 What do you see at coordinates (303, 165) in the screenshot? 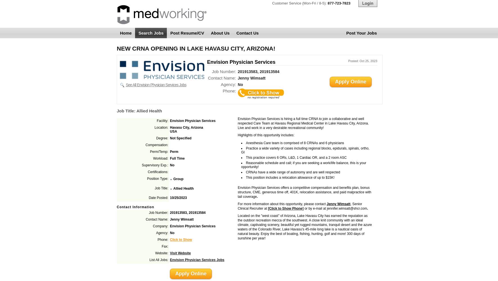
I see `'Reasonable schedule and call; if you are seeking a work/life balance, this is your opportunity!'` at bounding box center [303, 165].